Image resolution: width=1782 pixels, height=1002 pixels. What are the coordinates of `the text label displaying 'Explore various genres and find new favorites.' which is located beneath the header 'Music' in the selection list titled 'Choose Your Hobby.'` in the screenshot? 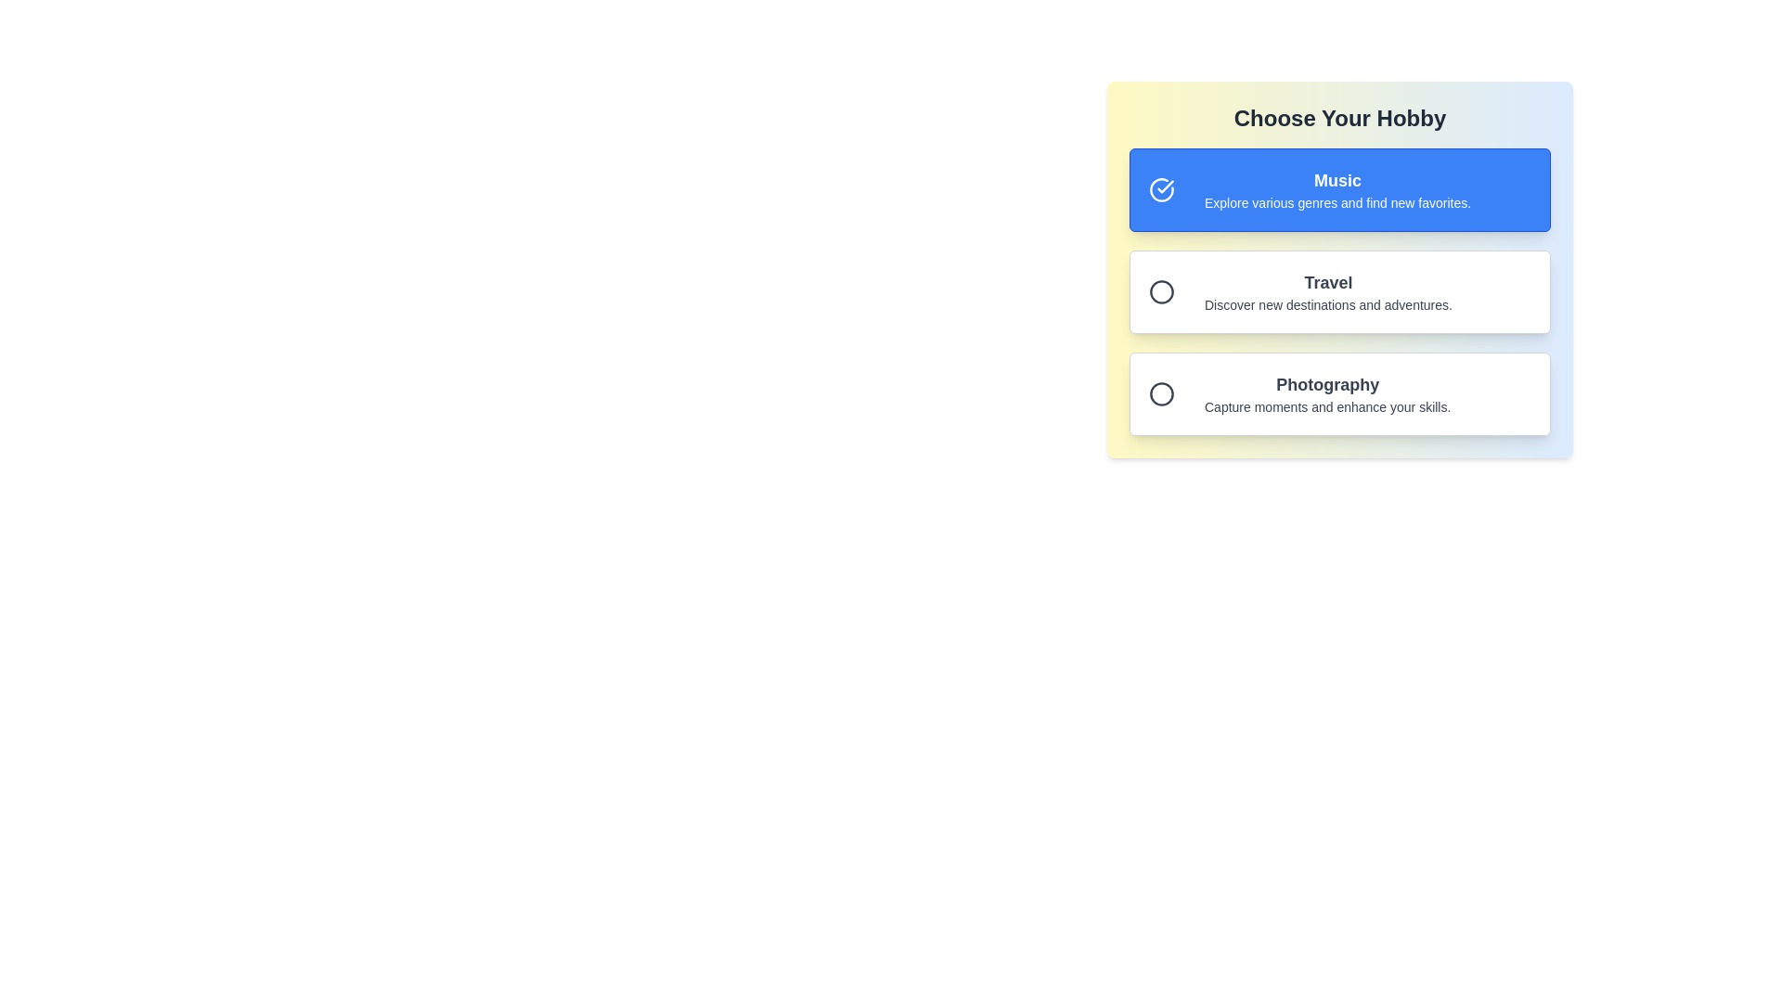 It's located at (1337, 203).